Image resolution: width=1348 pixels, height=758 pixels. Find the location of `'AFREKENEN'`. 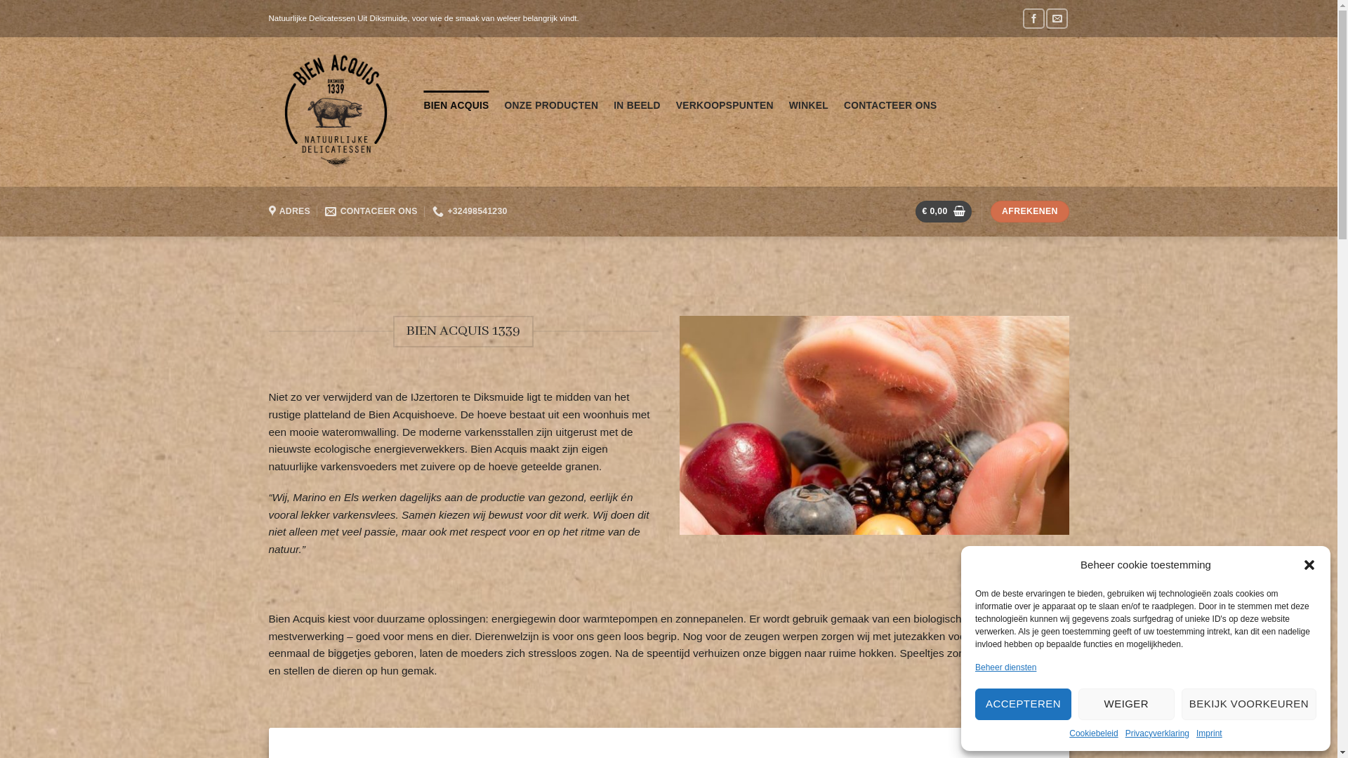

'AFREKENEN' is located at coordinates (1029, 211).